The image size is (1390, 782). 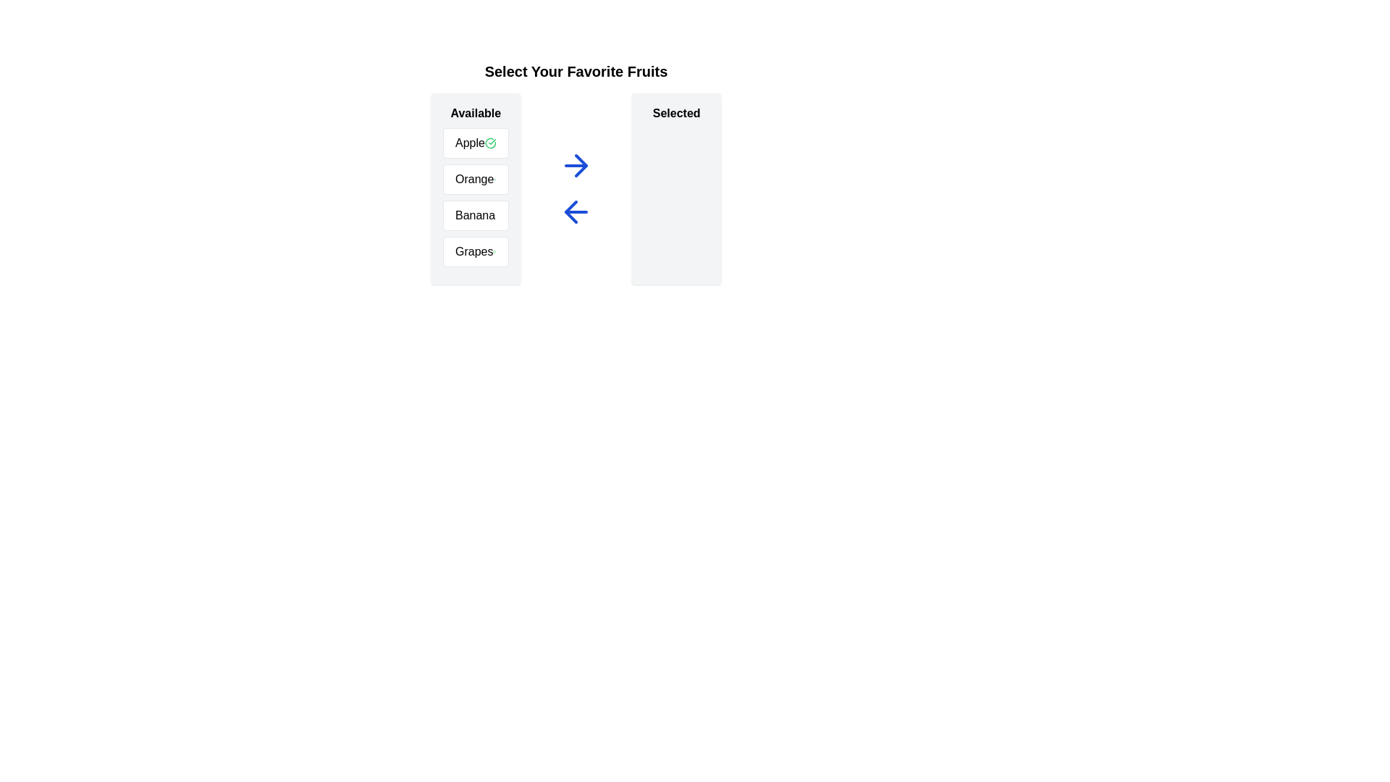 What do you see at coordinates (476, 143) in the screenshot?
I see `the text of the available item 'Apple' to select it` at bounding box center [476, 143].